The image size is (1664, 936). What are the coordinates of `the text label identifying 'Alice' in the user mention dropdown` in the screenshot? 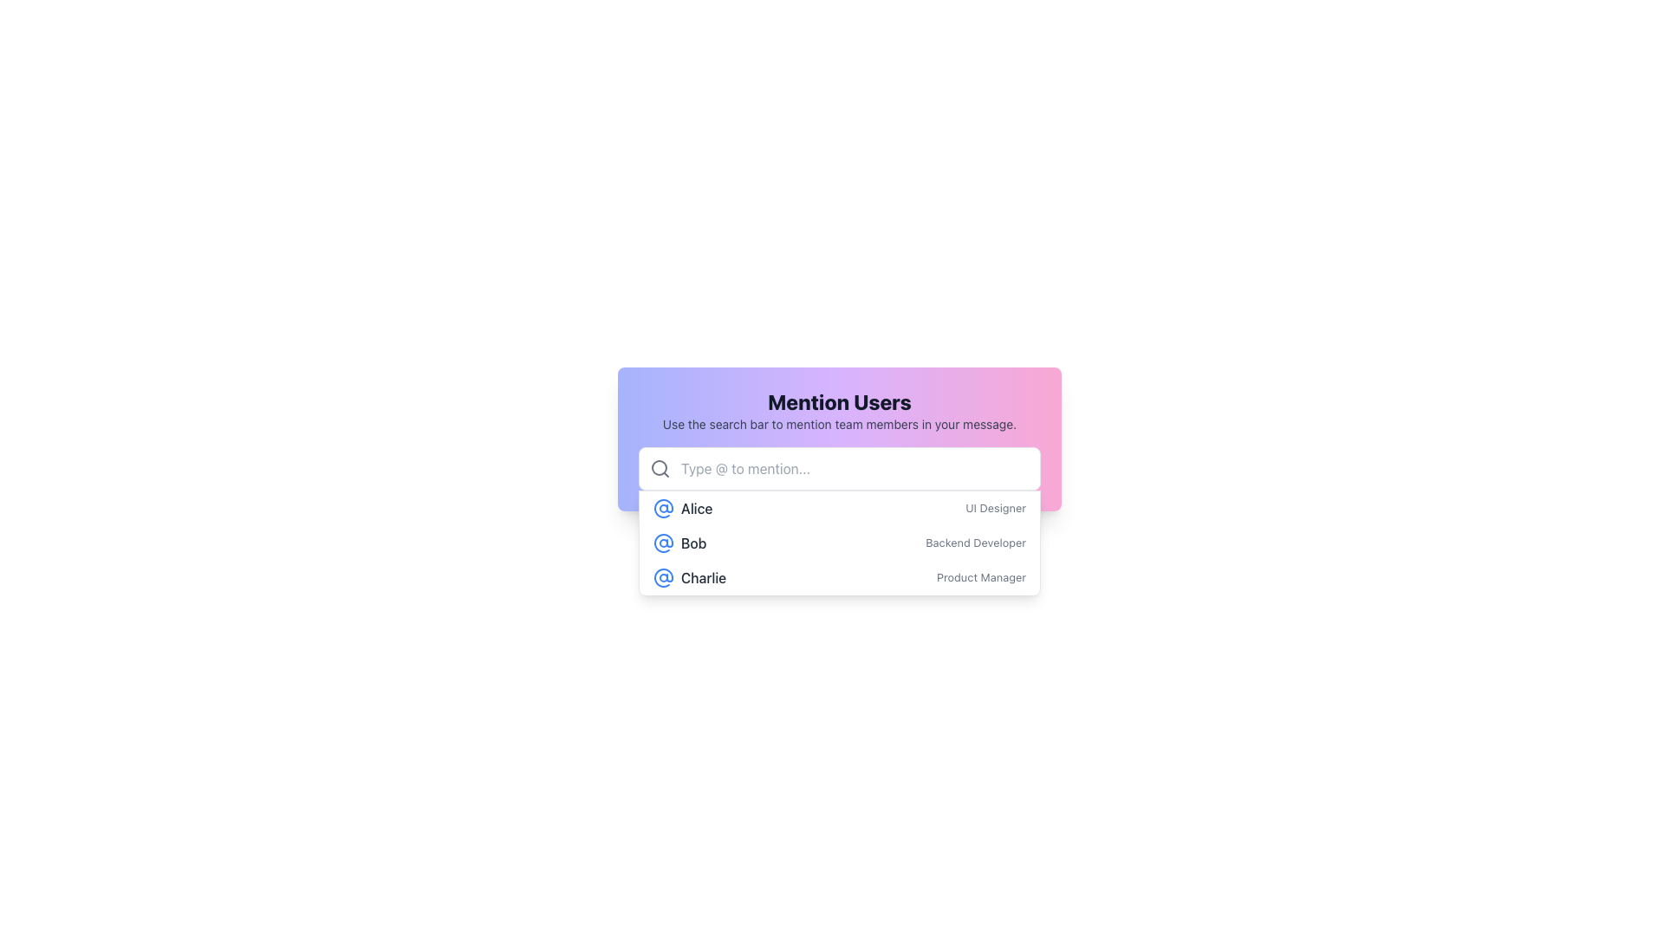 It's located at (682, 507).